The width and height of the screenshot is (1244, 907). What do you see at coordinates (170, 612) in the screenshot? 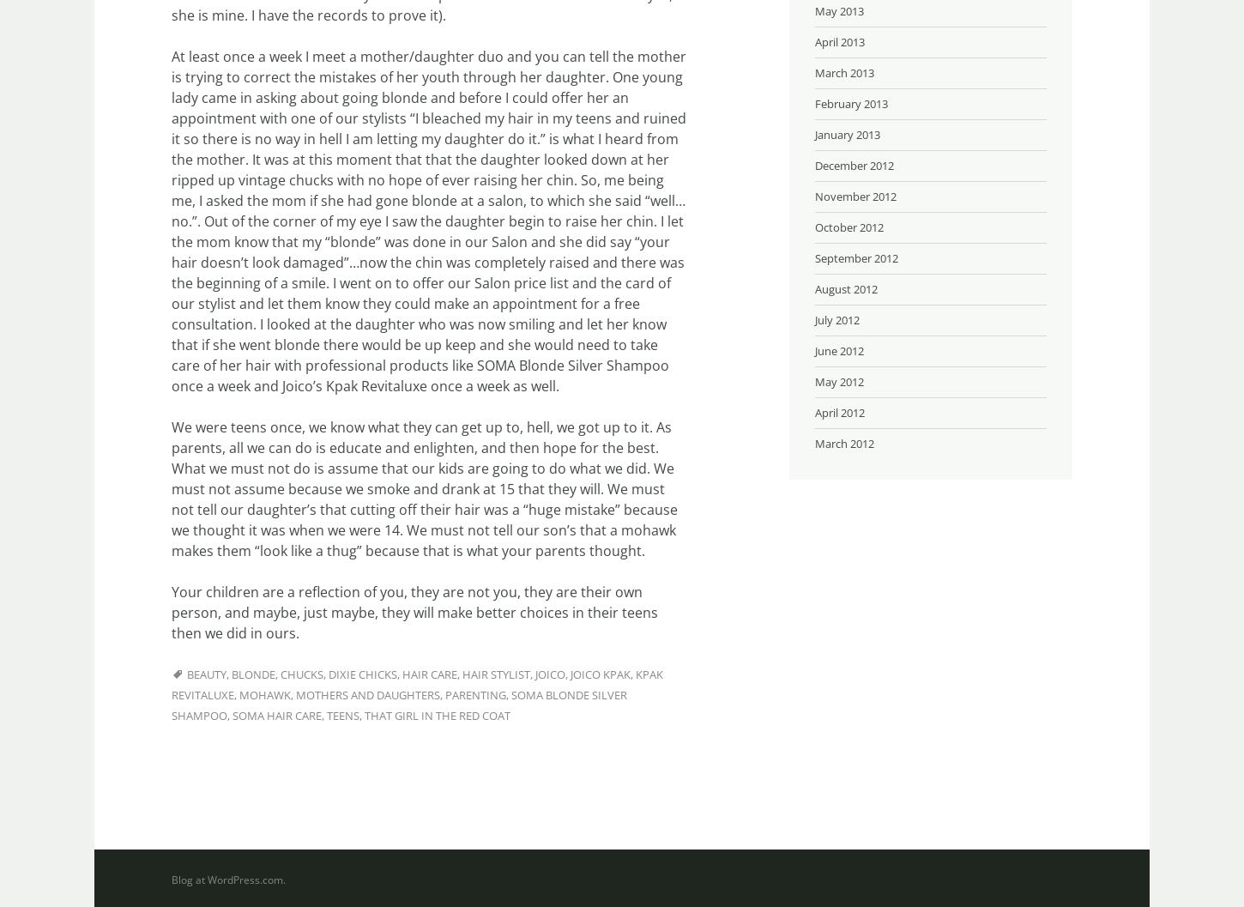
I see `'Your children are a reflection of you, they are not you, they are their own person, and maybe, just maybe, they will make better choices in their teens then we did in ours.'` at bounding box center [170, 612].